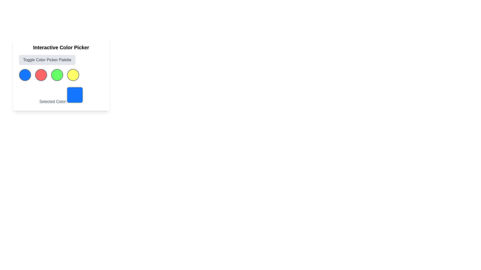 The height and width of the screenshot is (270, 481). What do you see at coordinates (25, 75) in the screenshot?
I see `the first circular button that allows the user to select the color blue` at bounding box center [25, 75].